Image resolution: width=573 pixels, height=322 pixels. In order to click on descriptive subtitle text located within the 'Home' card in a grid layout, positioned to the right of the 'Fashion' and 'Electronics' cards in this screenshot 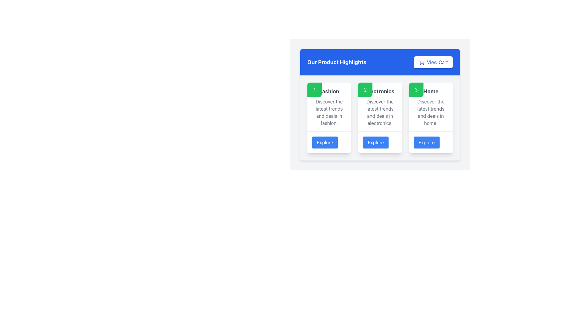, I will do `click(431, 112)`.